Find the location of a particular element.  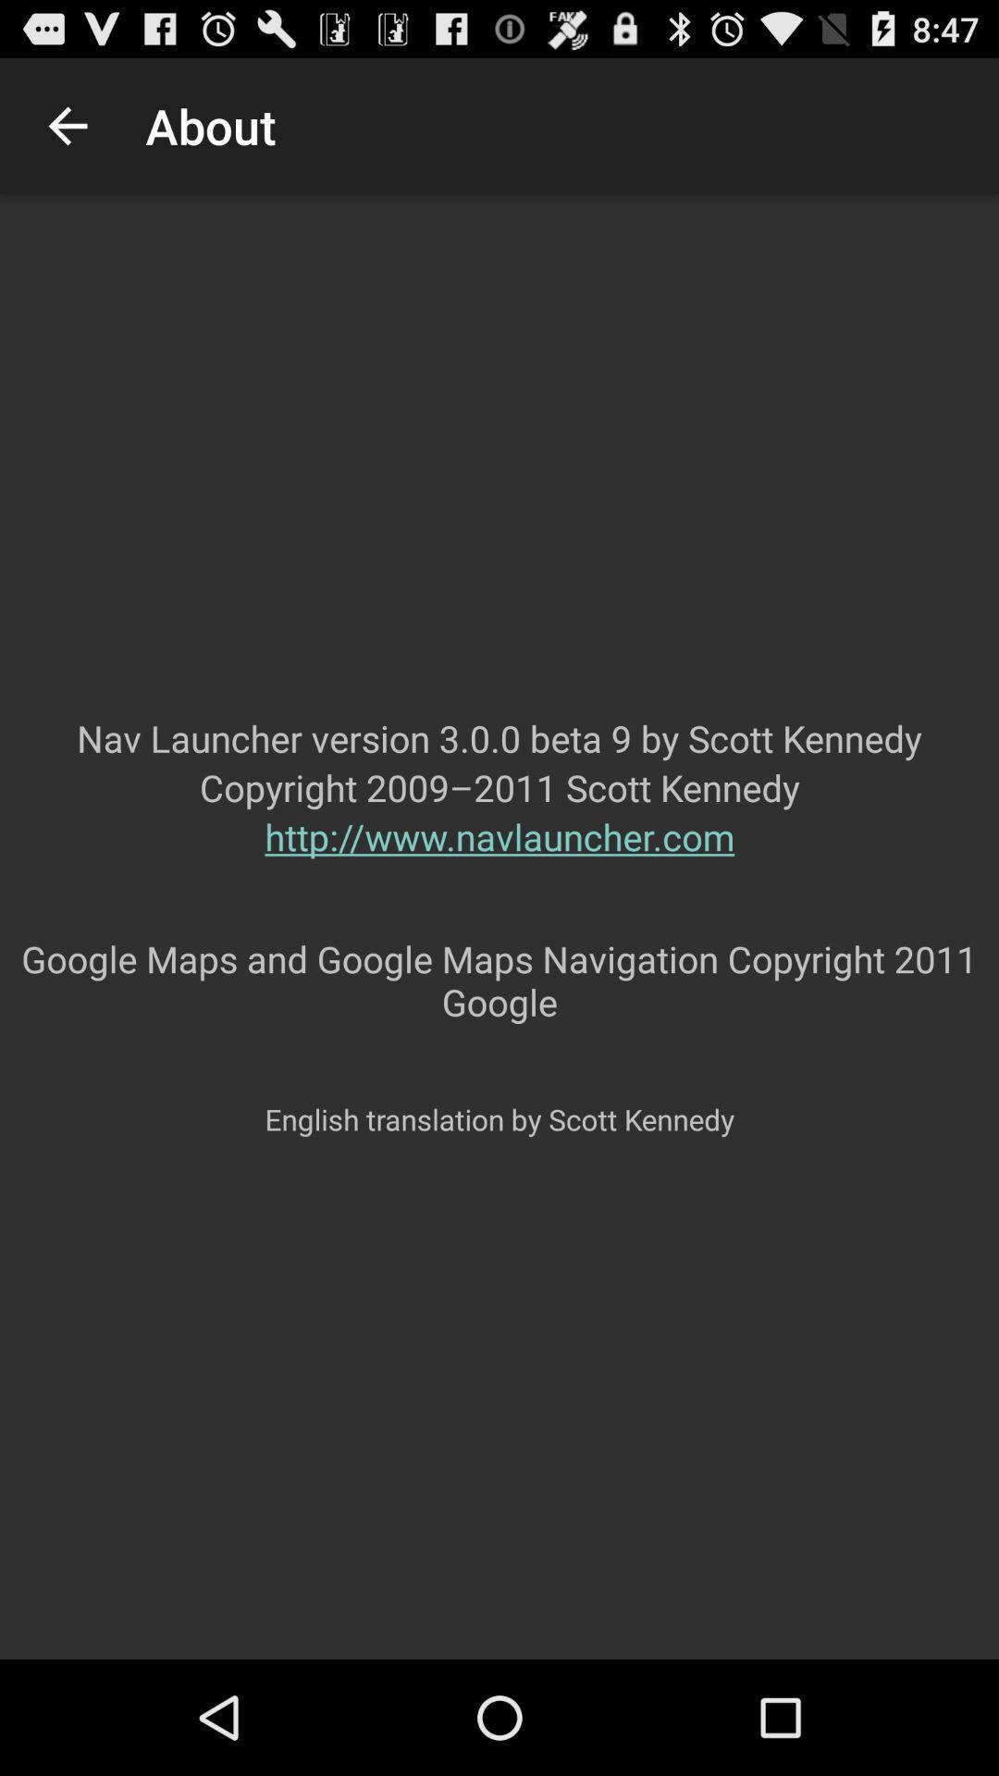

the item next to about icon is located at coordinates (67, 125).